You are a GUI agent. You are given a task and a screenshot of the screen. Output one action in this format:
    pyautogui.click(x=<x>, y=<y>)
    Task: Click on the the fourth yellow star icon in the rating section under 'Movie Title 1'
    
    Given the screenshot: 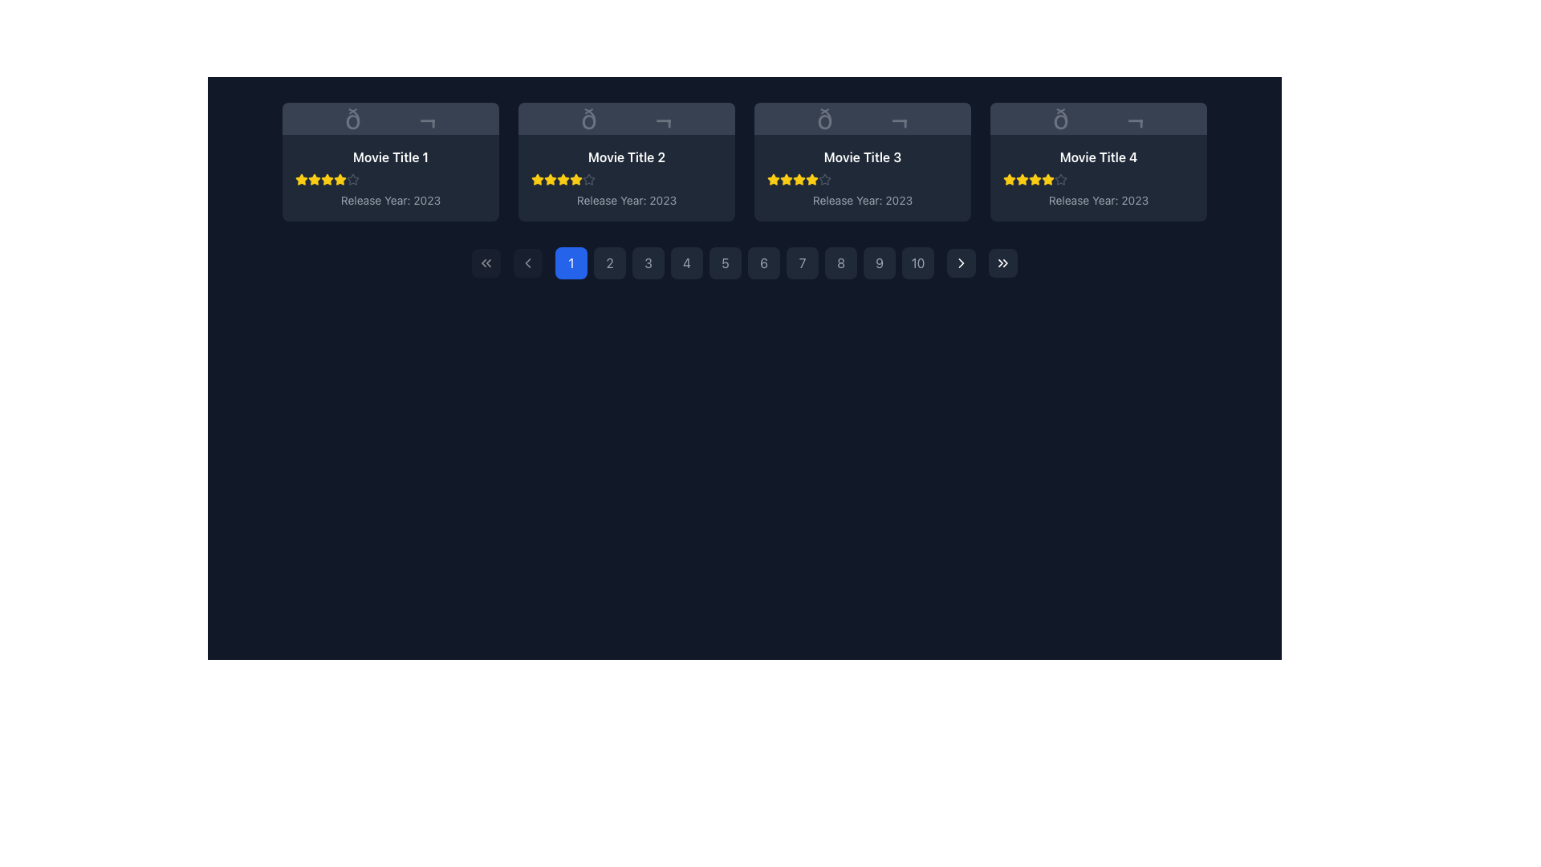 What is the action you would take?
    pyautogui.click(x=327, y=179)
    